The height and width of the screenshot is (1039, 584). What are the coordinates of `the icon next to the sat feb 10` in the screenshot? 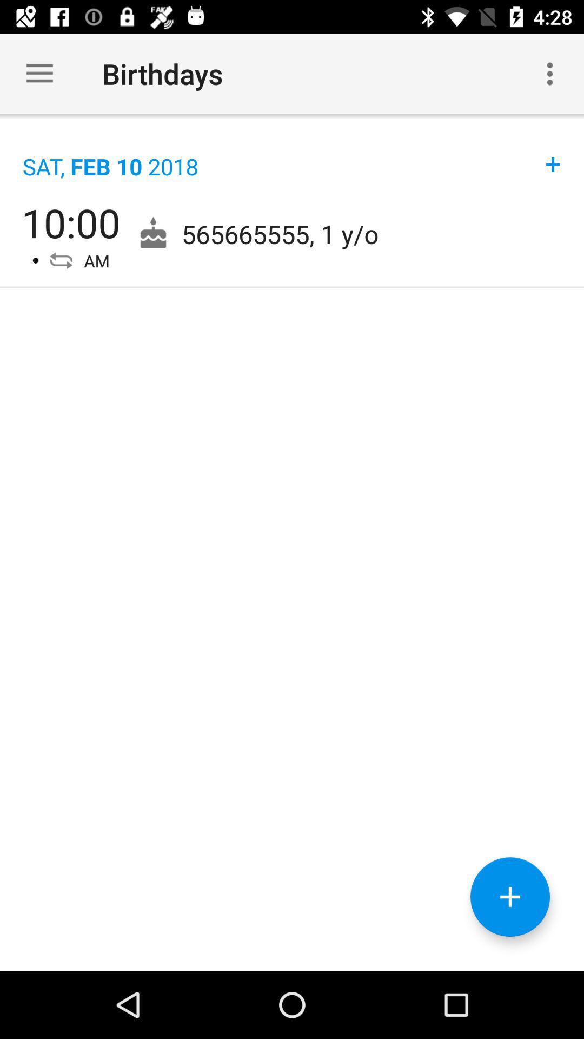 It's located at (553, 153).